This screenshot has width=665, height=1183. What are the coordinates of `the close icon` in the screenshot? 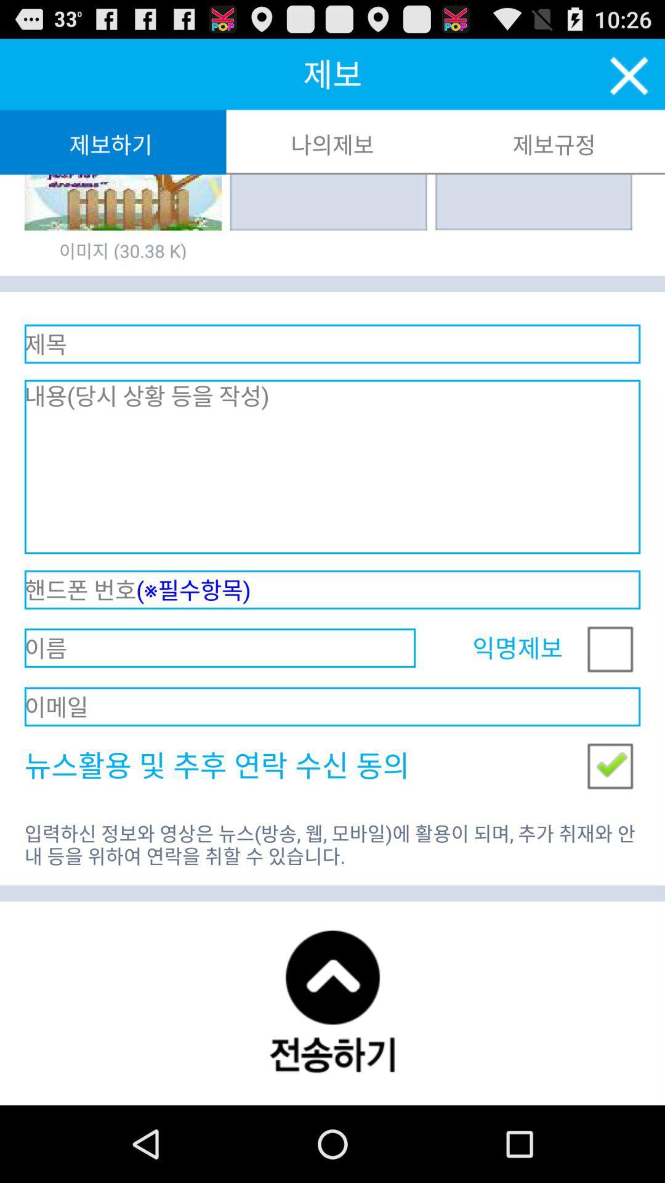 It's located at (629, 81).